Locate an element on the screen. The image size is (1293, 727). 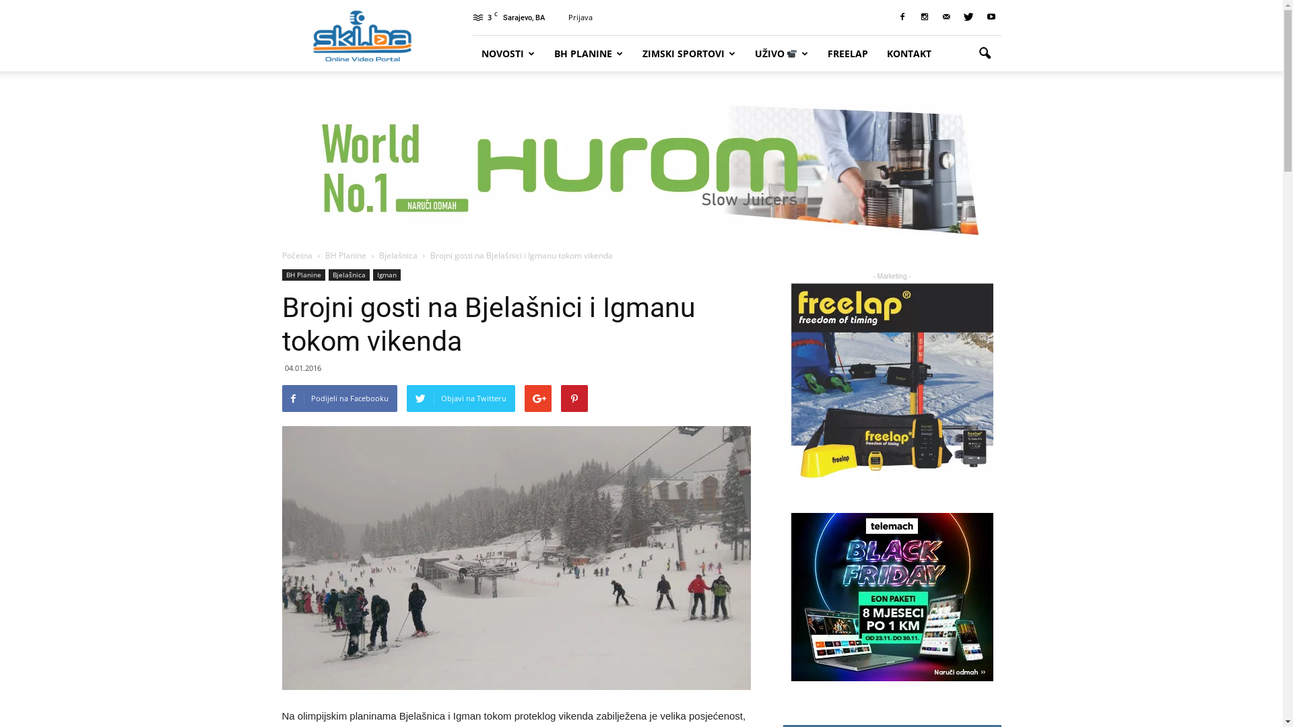
'ZIMSKI SPORTOVI' is located at coordinates (689, 53).